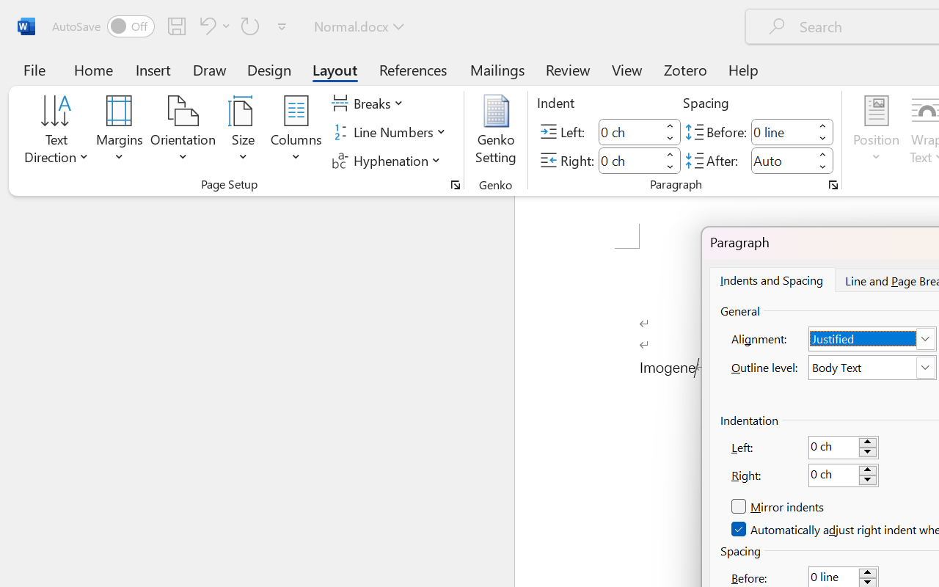 The image size is (939, 587). What do you see at coordinates (770, 279) in the screenshot?
I see `'Indents and Spacing'` at bounding box center [770, 279].